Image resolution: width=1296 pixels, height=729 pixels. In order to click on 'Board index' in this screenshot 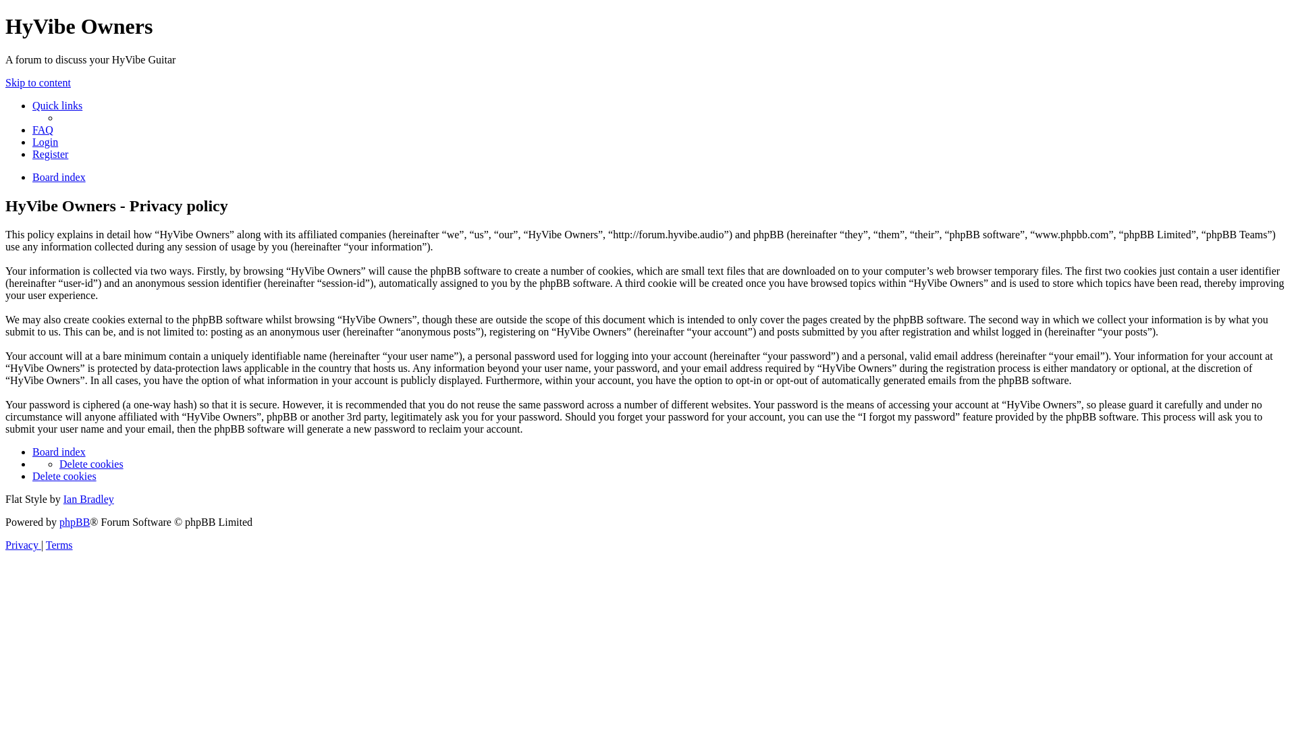, I will do `click(58, 176)`.